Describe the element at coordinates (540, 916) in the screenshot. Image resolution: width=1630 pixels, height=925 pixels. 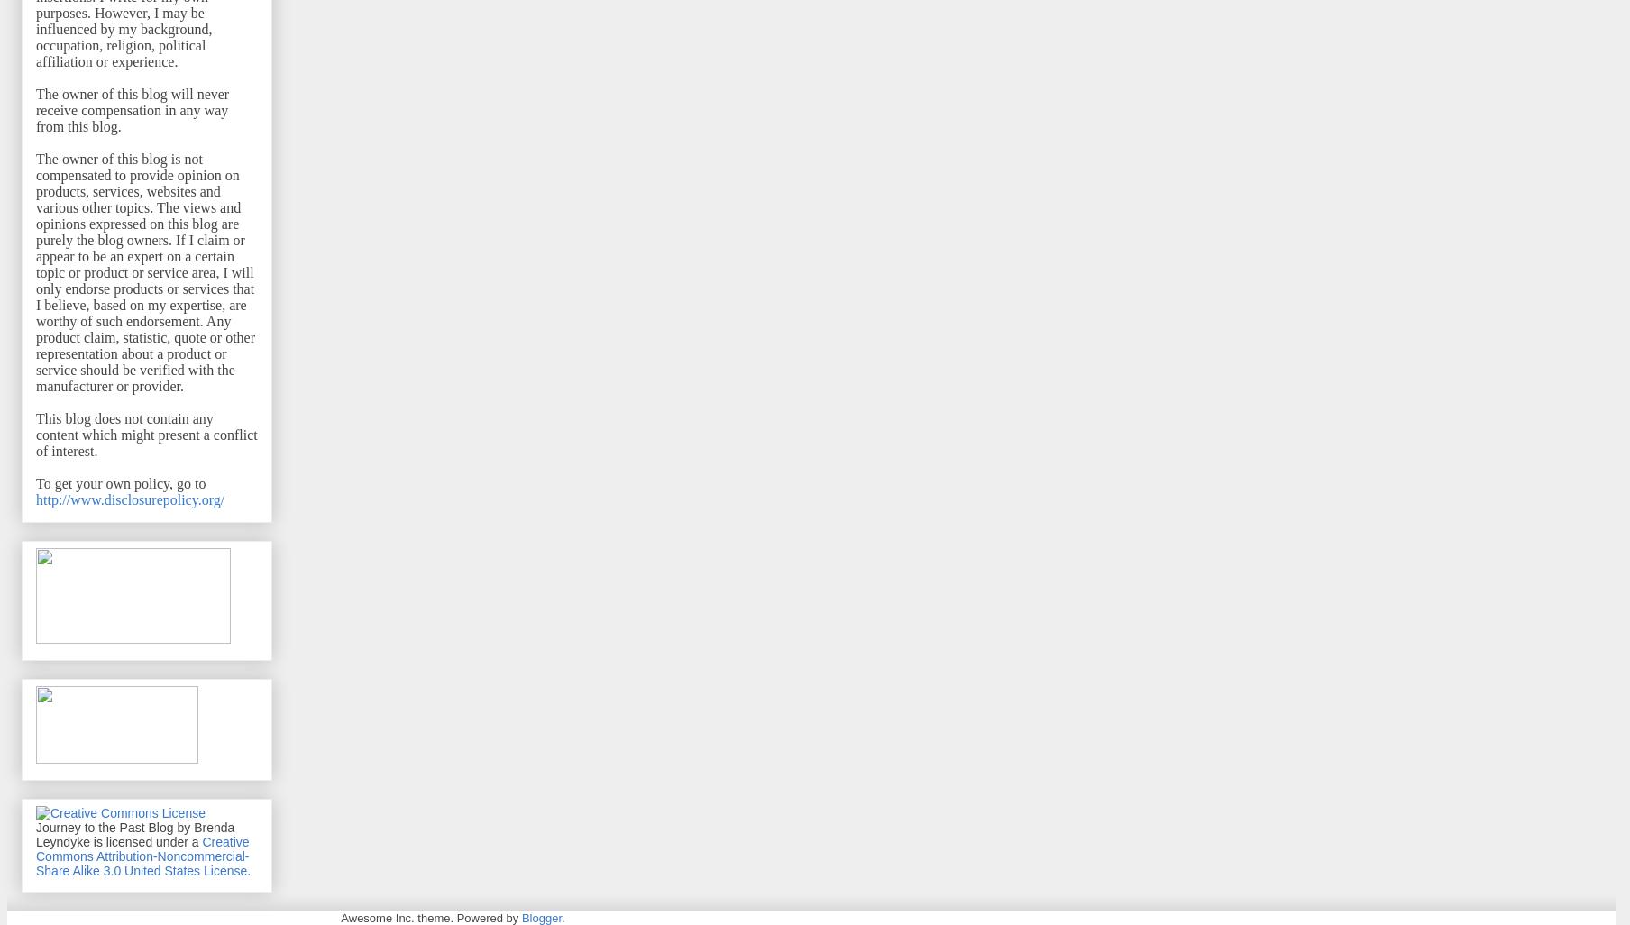
I see `'Blogger'` at that location.